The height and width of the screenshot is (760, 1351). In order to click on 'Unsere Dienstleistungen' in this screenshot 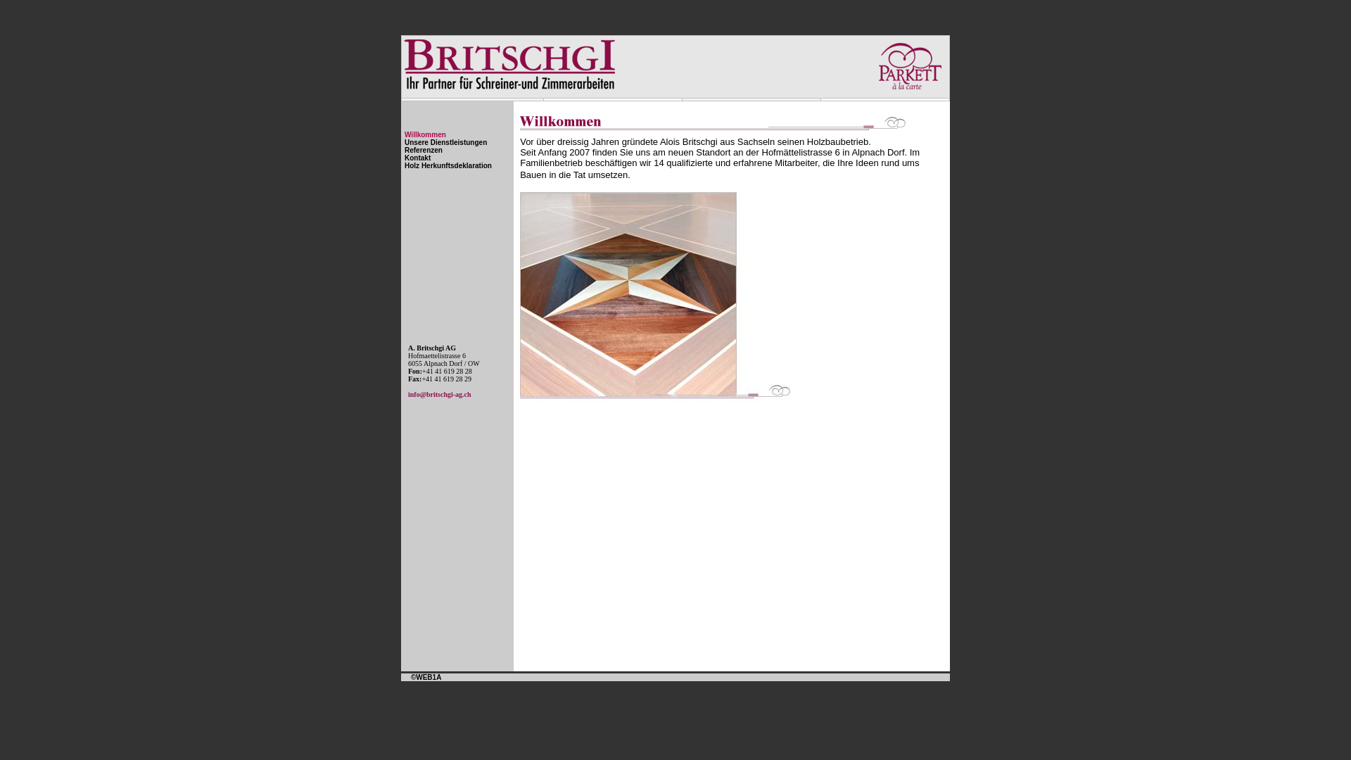, I will do `click(445, 142)`.